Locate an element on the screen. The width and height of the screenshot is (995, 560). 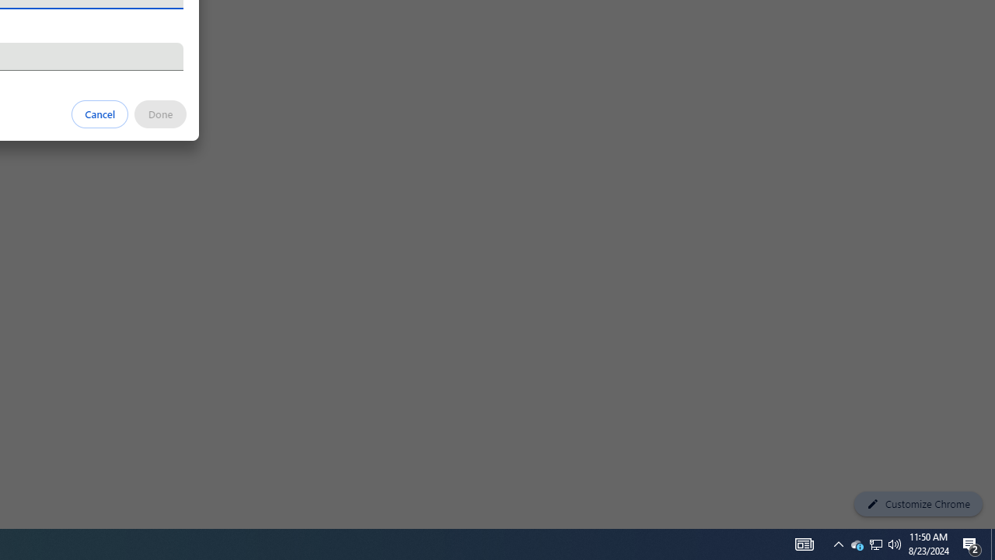
'Cancel' is located at coordinates (99, 113).